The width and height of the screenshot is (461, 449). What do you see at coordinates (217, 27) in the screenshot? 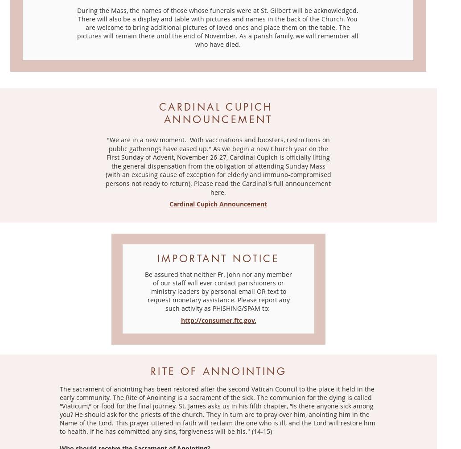
I see `'During the Mass, the names of those whose funerals were at St. Gilbert will be acknowledged. There will also be a display and table with pictures and names in the back of the Church. You are welcome to bring additional pictures of loved ones and place them on the table. The pictures will remain there until the end of November. As a parish family, we will remember all who have died.'` at bounding box center [217, 27].